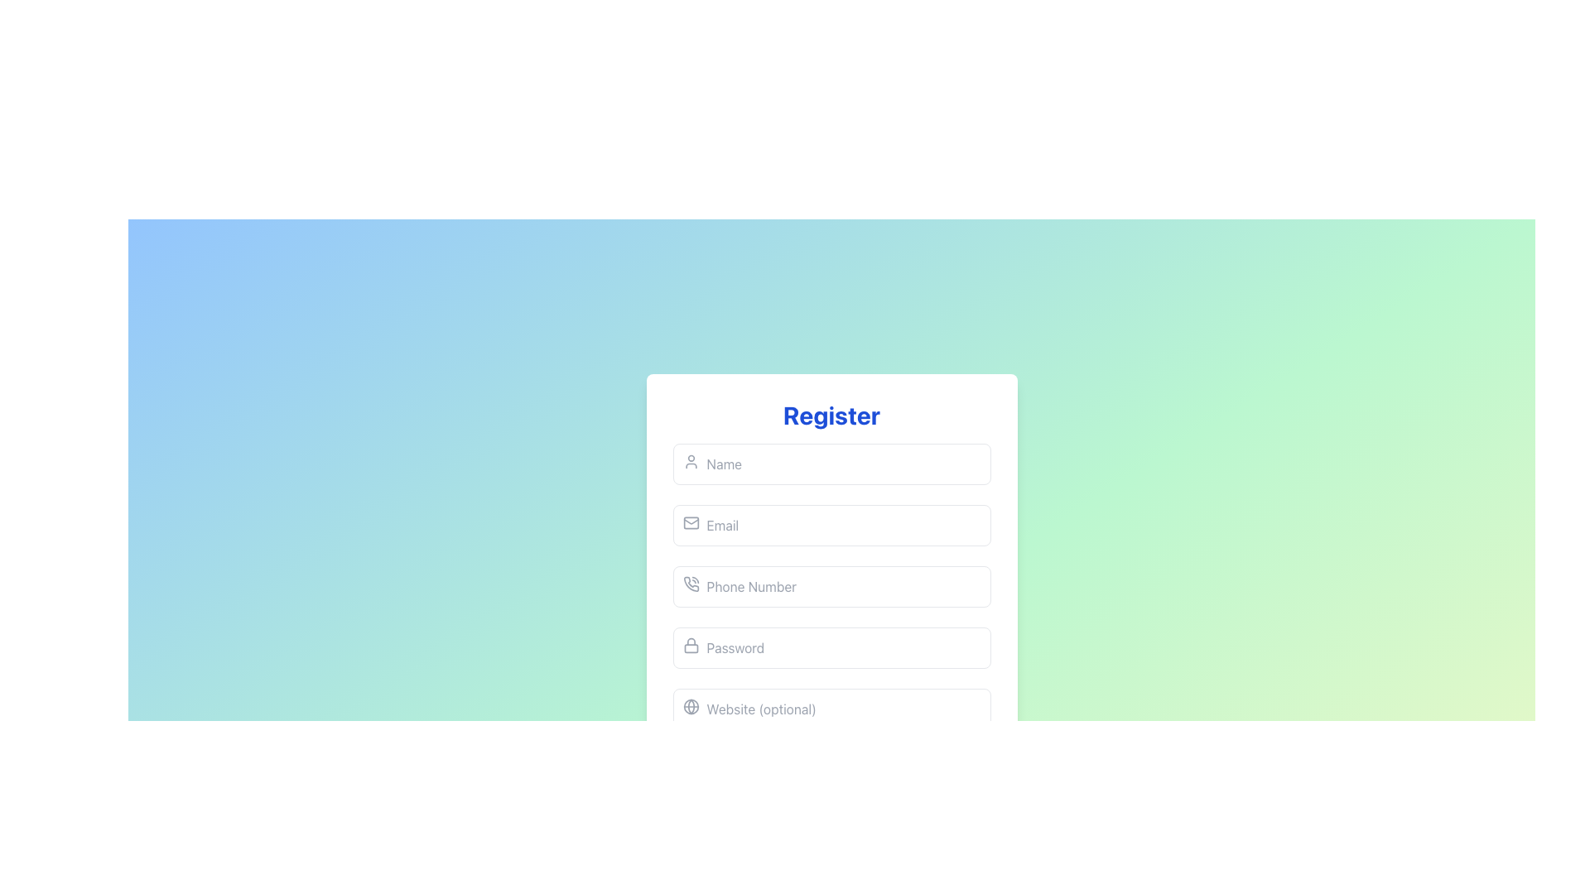  Describe the element at coordinates (691, 523) in the screenshot. I see `the Email icon component of the envelope symbol in the registration form, which is positioned to the left of the Email input field` at that location.